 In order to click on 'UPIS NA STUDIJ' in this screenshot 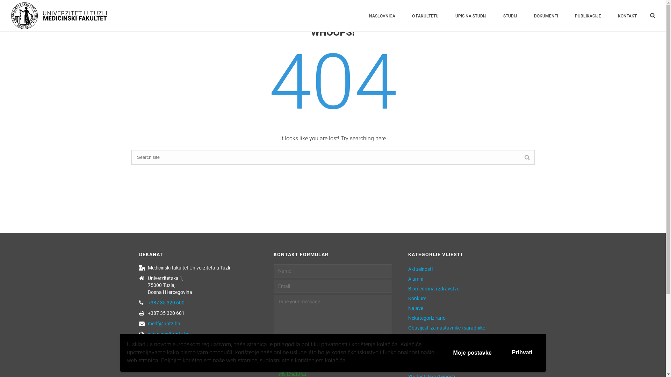, I will do `click(471, 16)`.